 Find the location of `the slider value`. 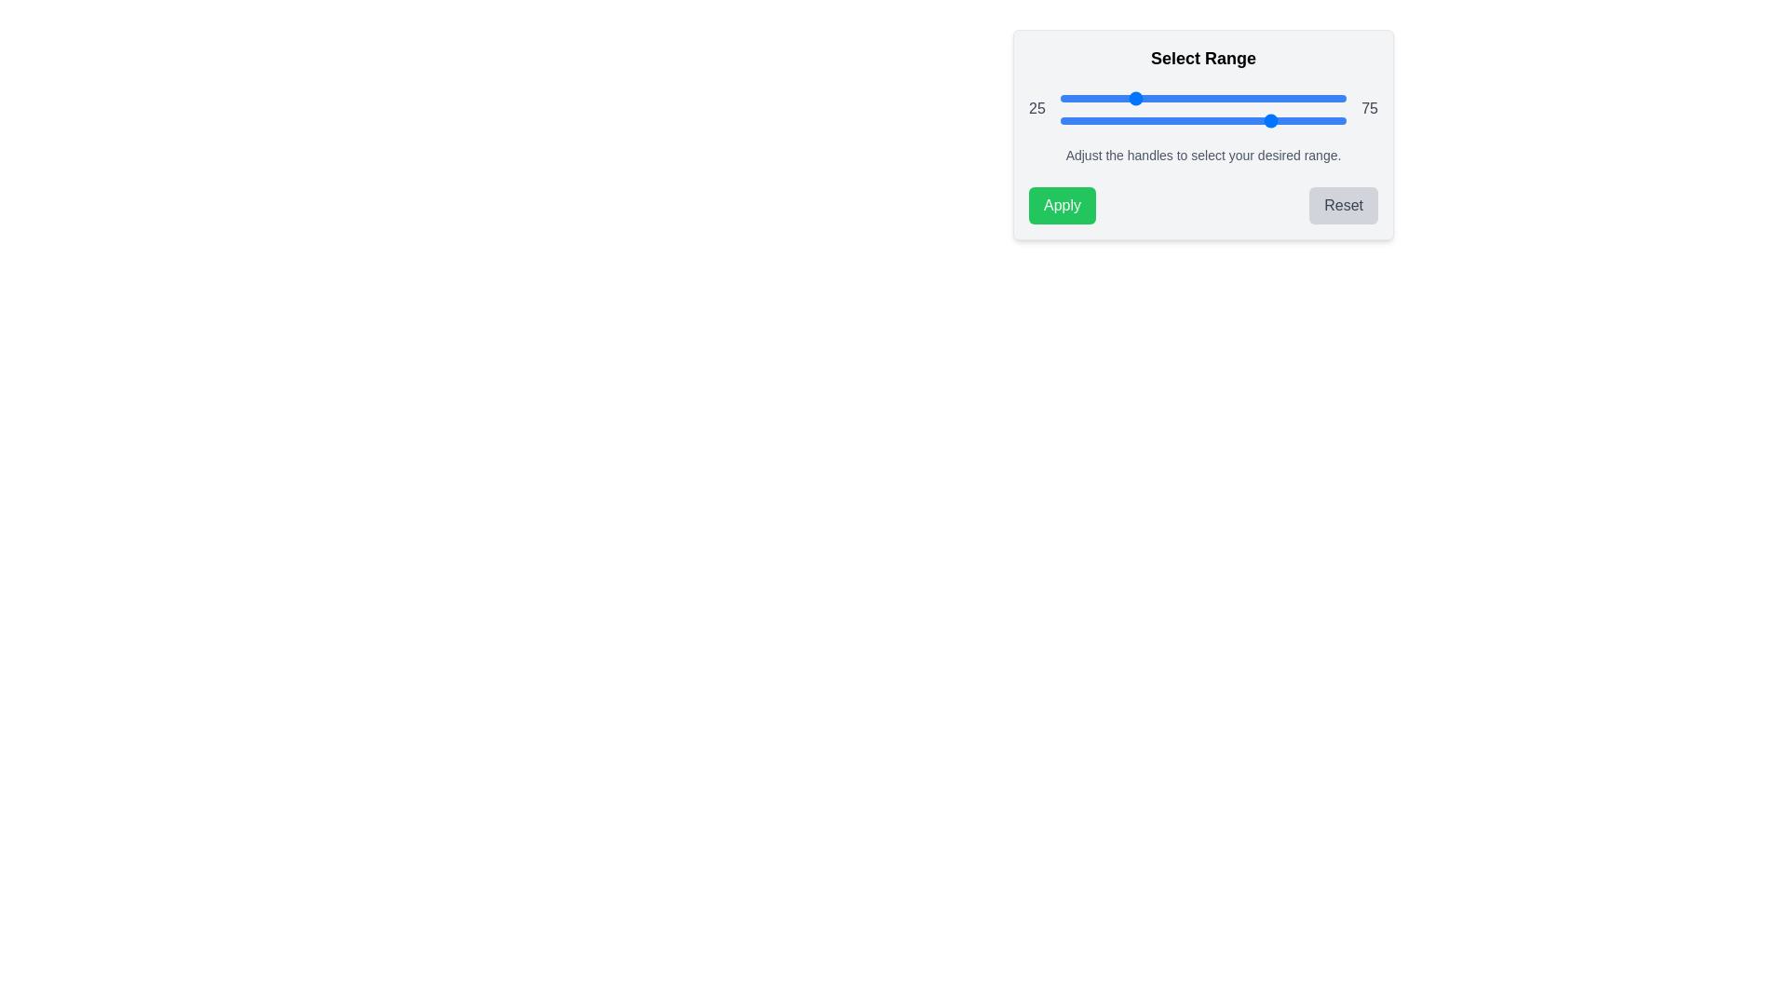

the slider value is located at coordinates (1238, 121).